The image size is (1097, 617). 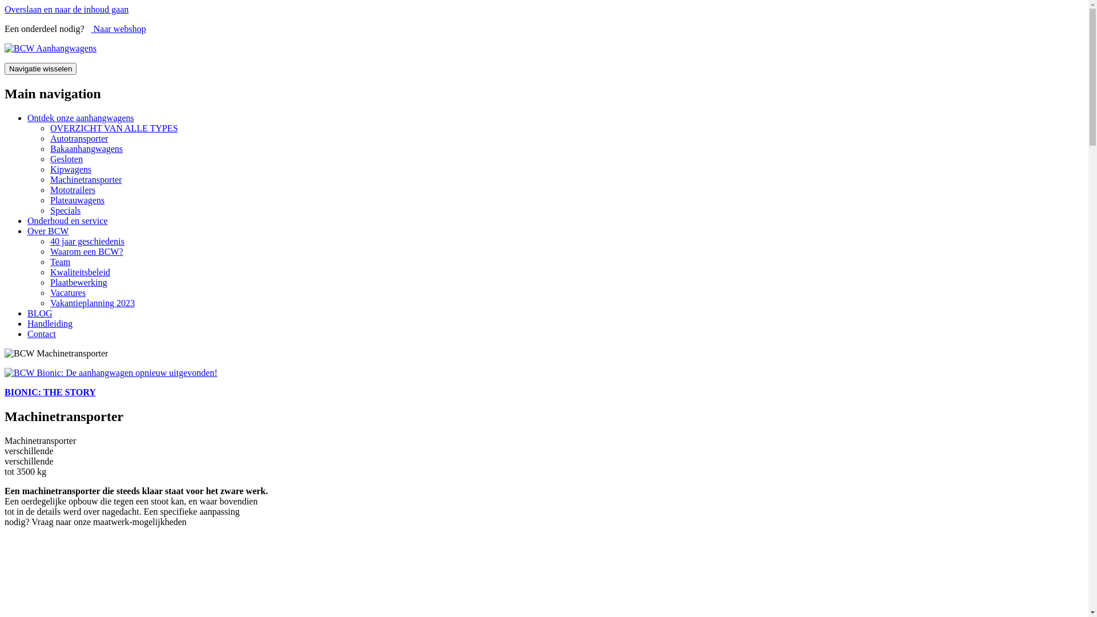 I want to click on 'BIONIC: THE STORY', so click(x=49, y=391).